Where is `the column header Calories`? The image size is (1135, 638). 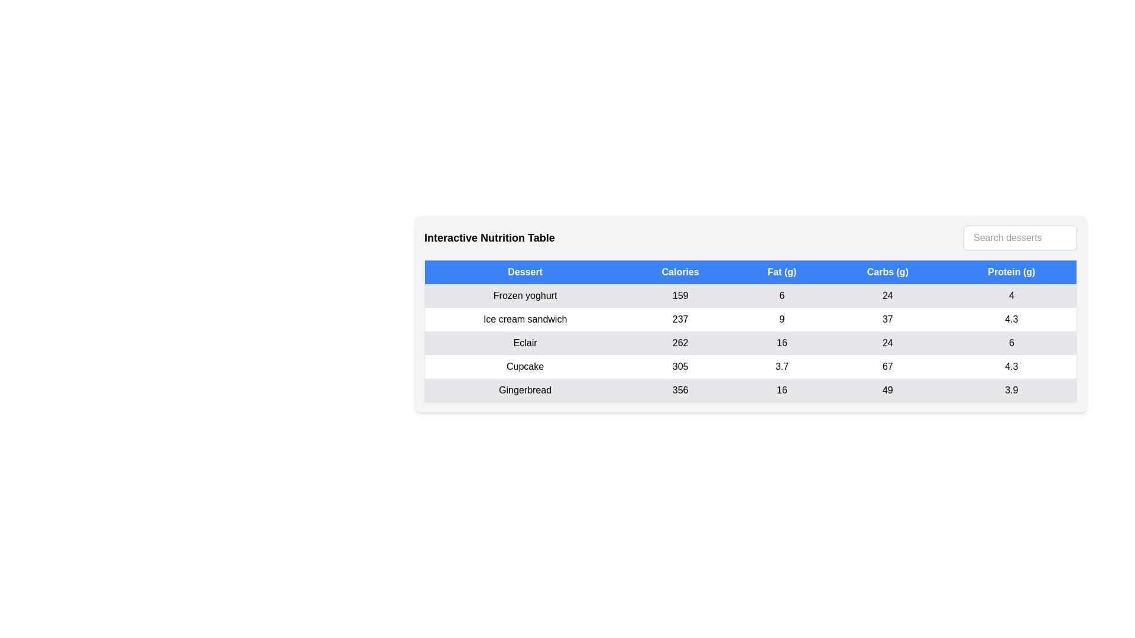 the column header Calories is located at coordinates (680, 272).